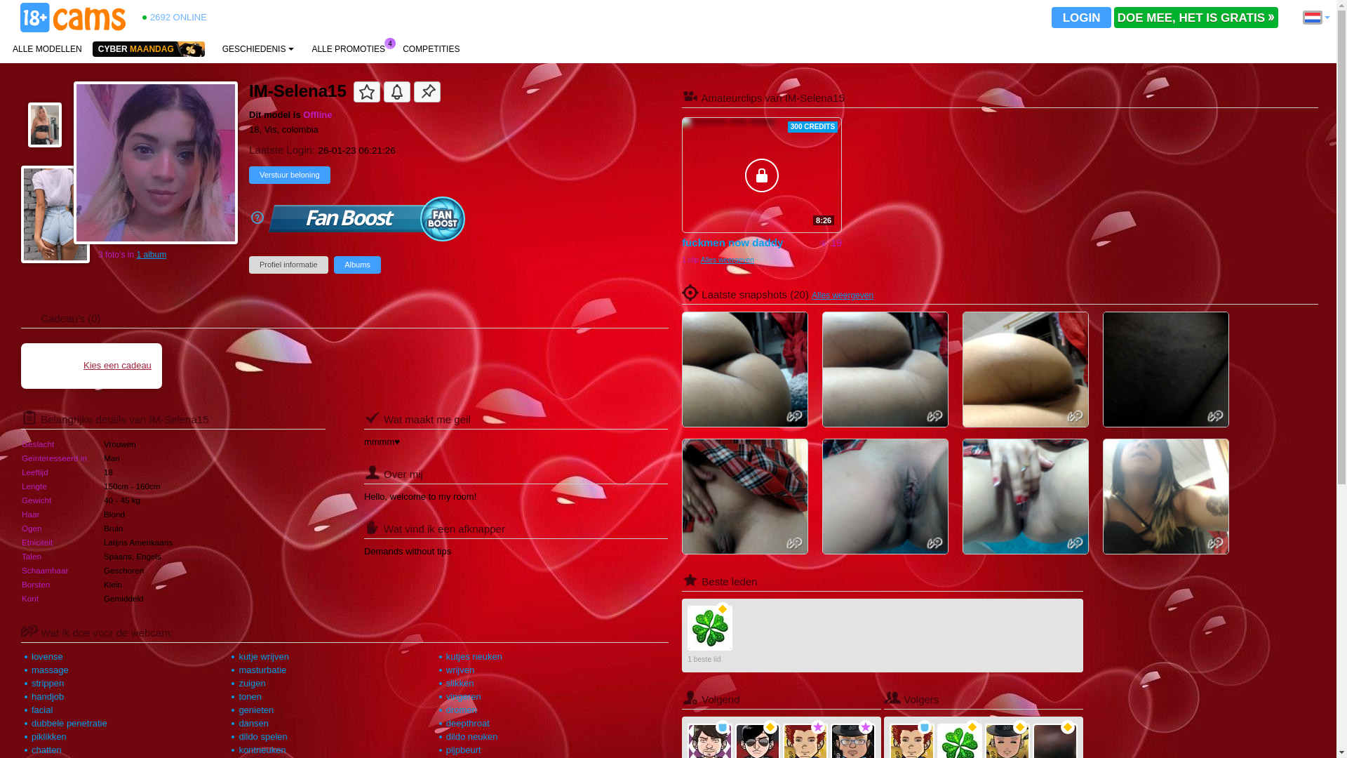  Describe the element at coordinates (92, 48) in the screenshot. I see `'CYBER MAANDAG'` at that location.